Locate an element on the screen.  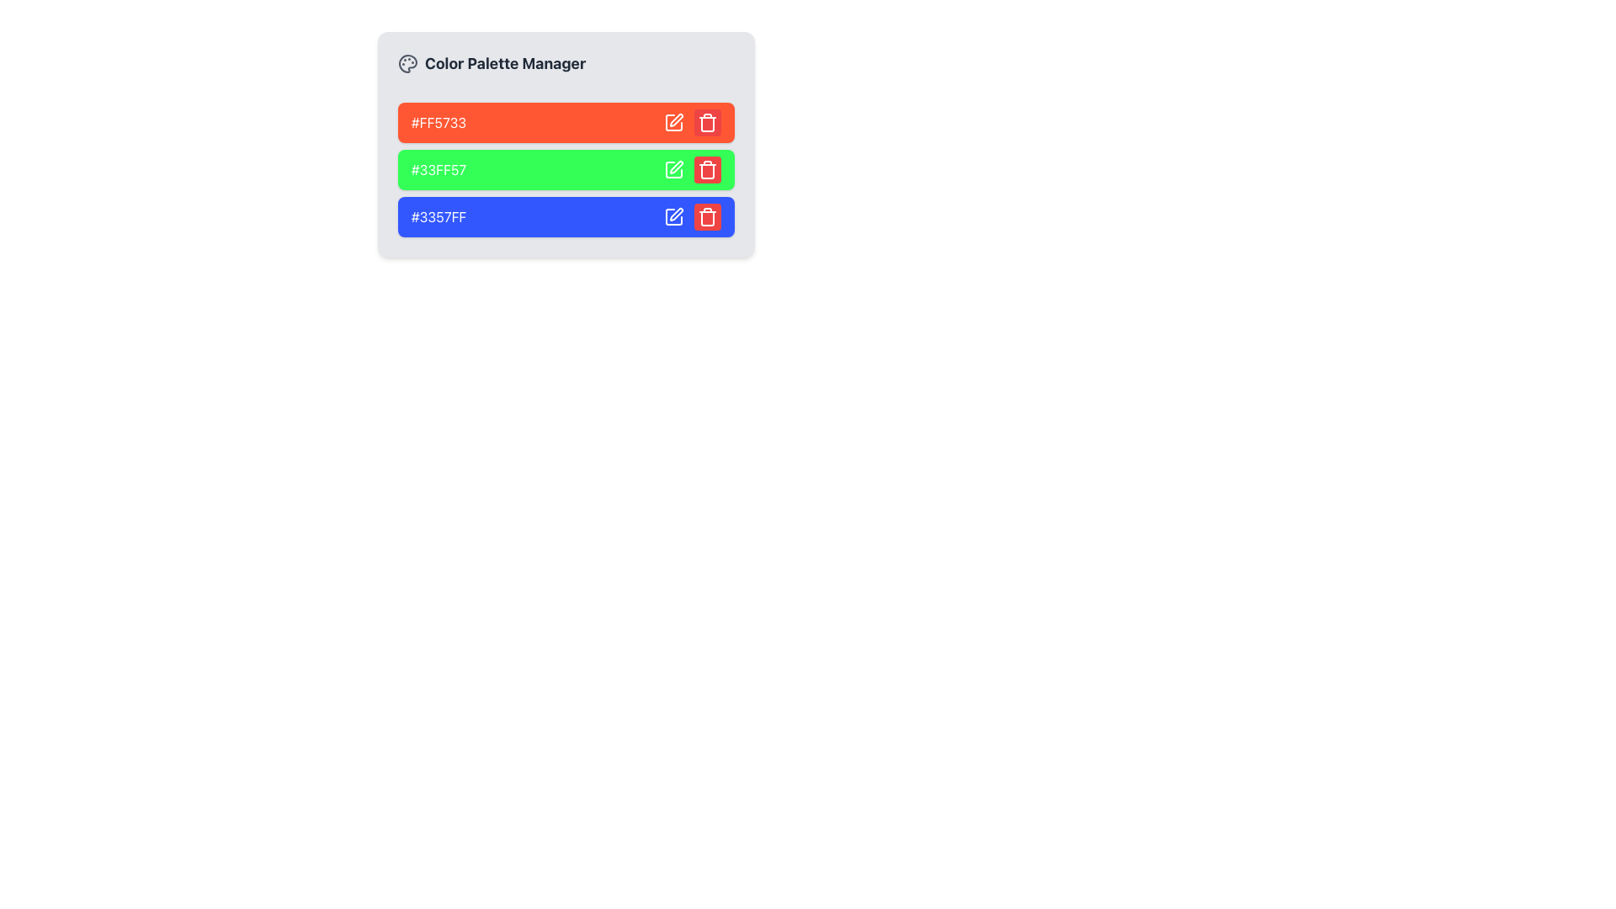
the Trash Icon button located in the Color Palette Manager section is located at coordinates (707, 216).